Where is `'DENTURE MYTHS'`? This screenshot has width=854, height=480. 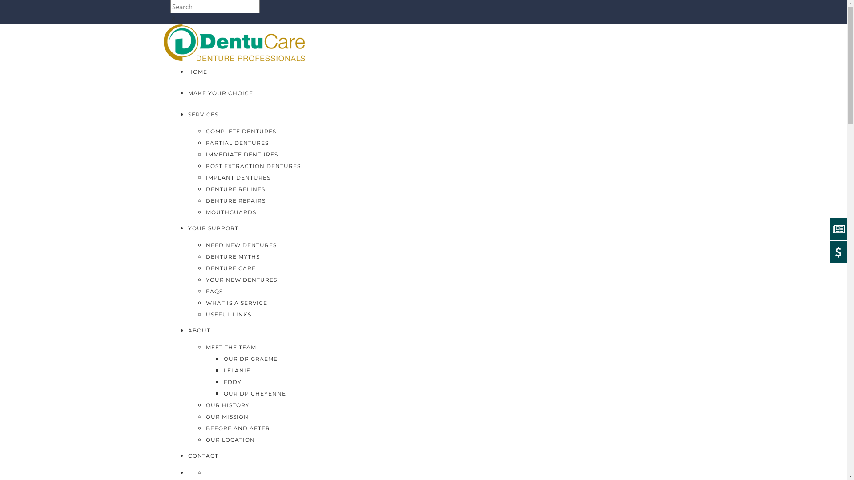 'DENTURE MYTHS' is located at coordinates (232, 256).